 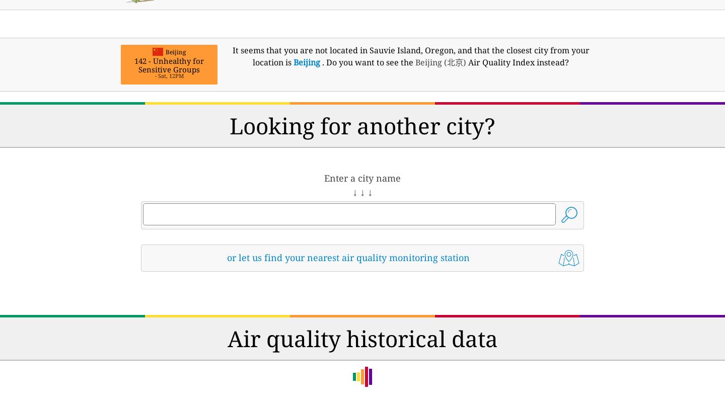 I want to click on 'It seems that you are not located in', so click(x=301, y=50).